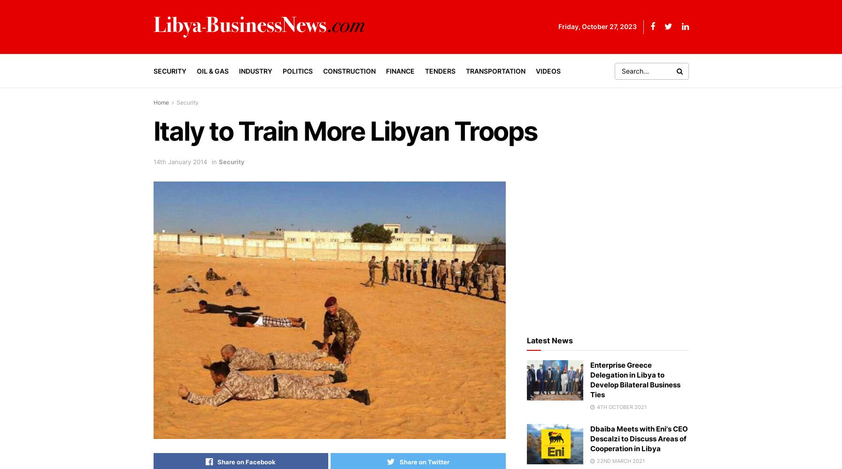 This screenshot has height=469, width=842. Describe the element at coordinates (638, 439) in the screenshot. I see `'Dbaiba Meets with Eni's CEO Descalzi to Discuss Areas of Cooperation in Libya'` at that location.